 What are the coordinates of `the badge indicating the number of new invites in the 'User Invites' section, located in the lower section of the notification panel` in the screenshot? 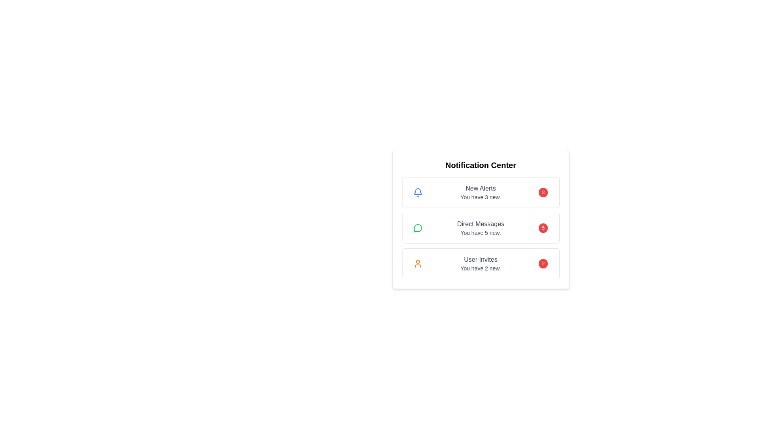 It's located at (543, 264).